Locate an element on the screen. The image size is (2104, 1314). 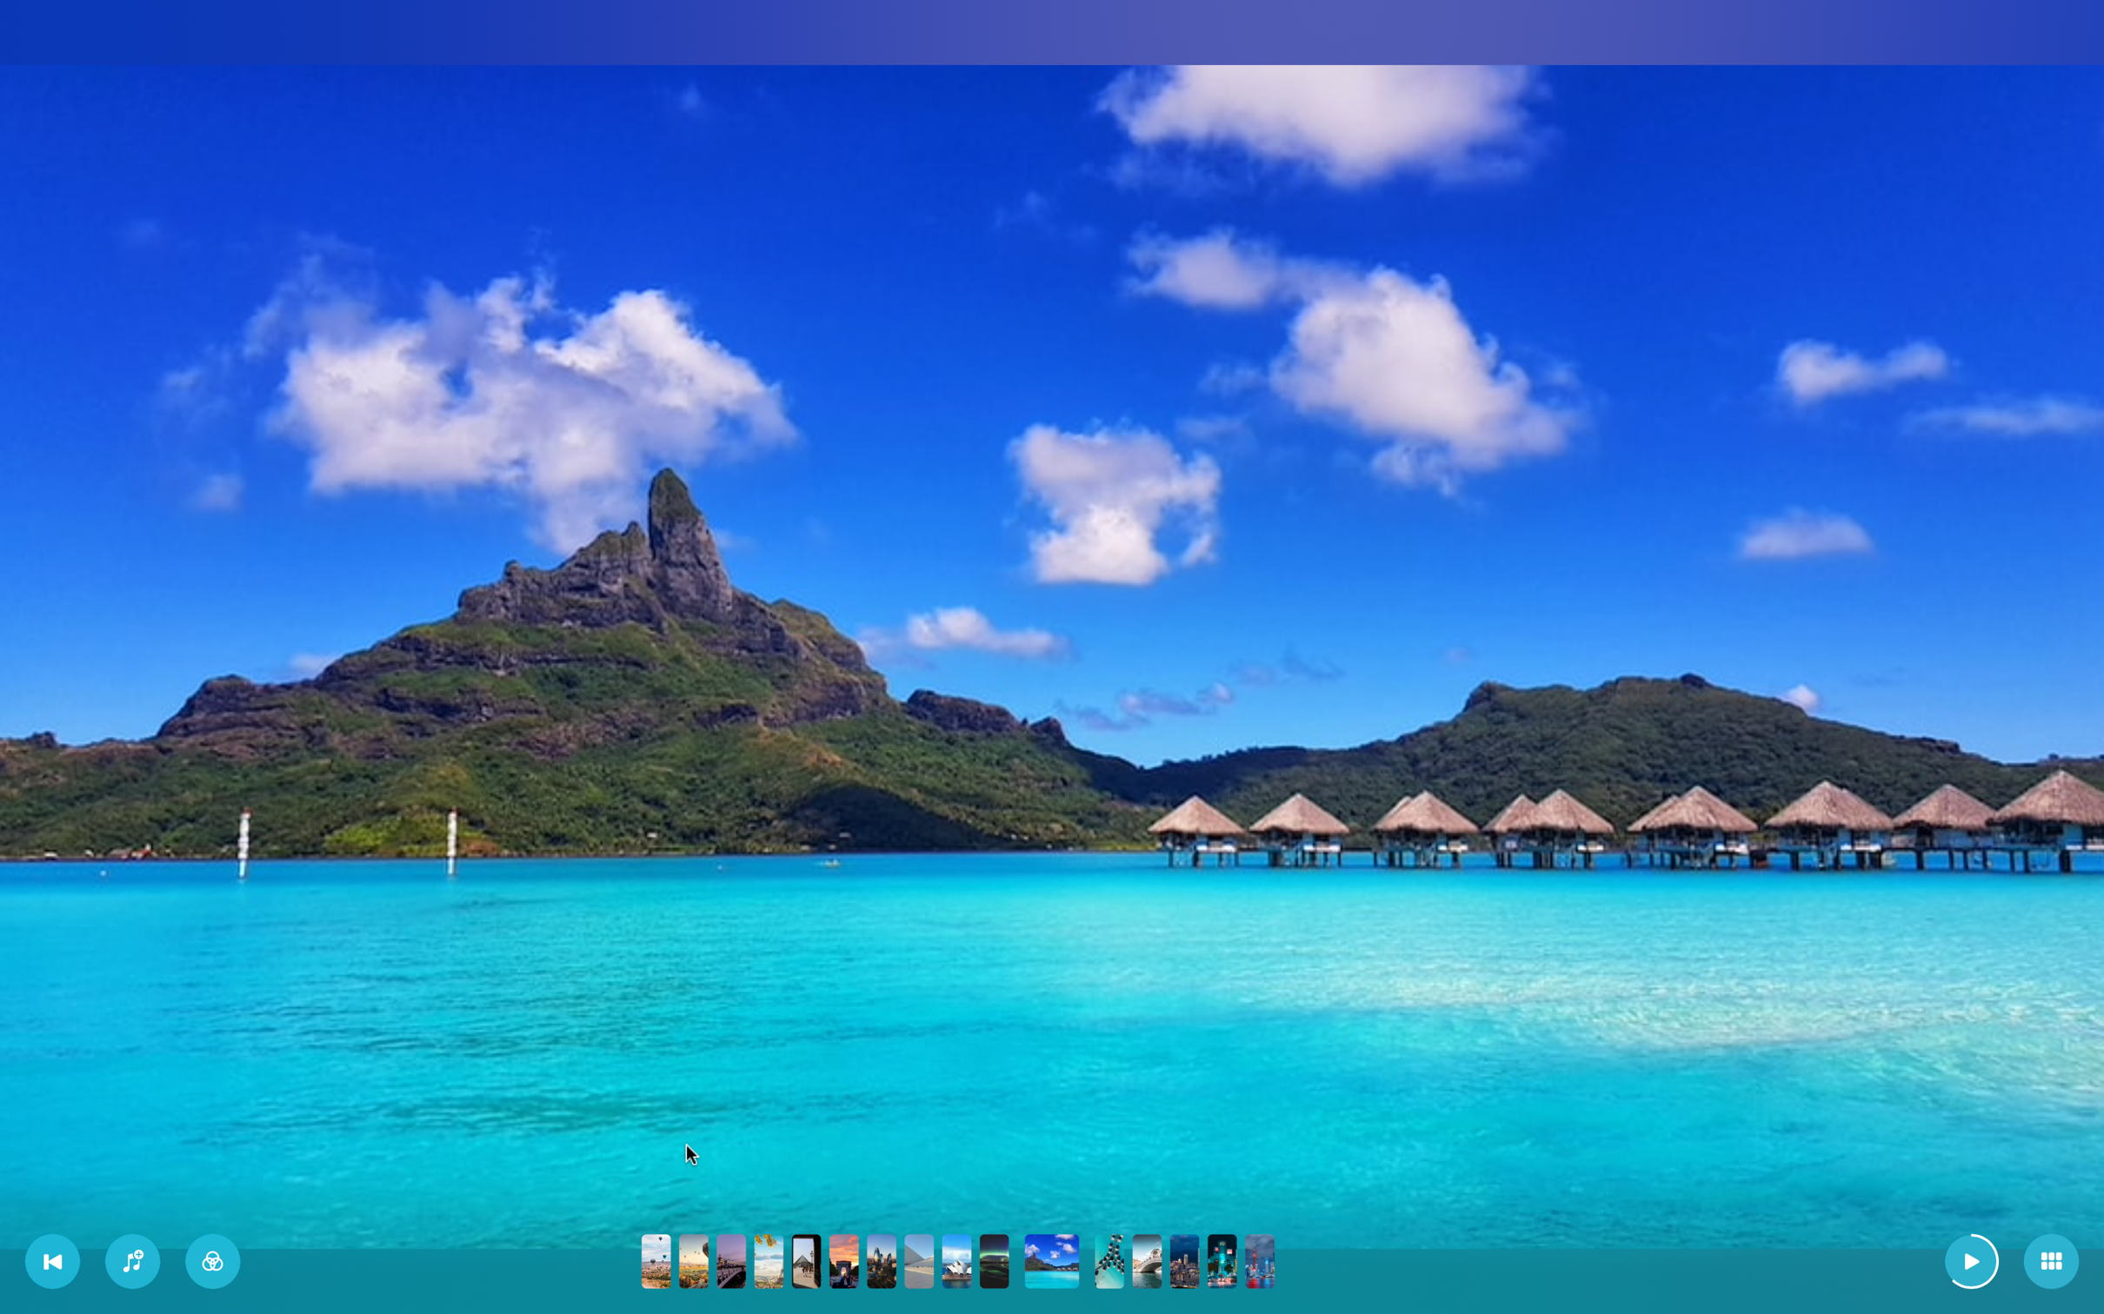
Jump to the initial part of the slideshow and pause it is located at coordinates (53, 1262).